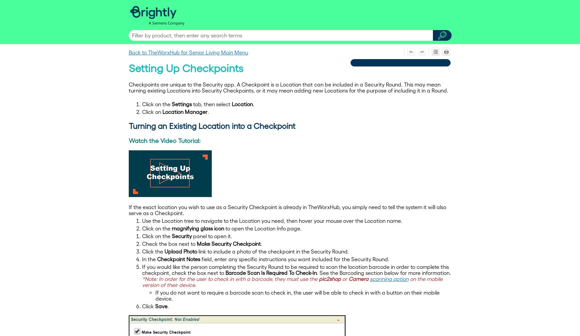  Describe the element at coordinates (388, 278) in the screenshot. I see `'scanning option'` at that location.